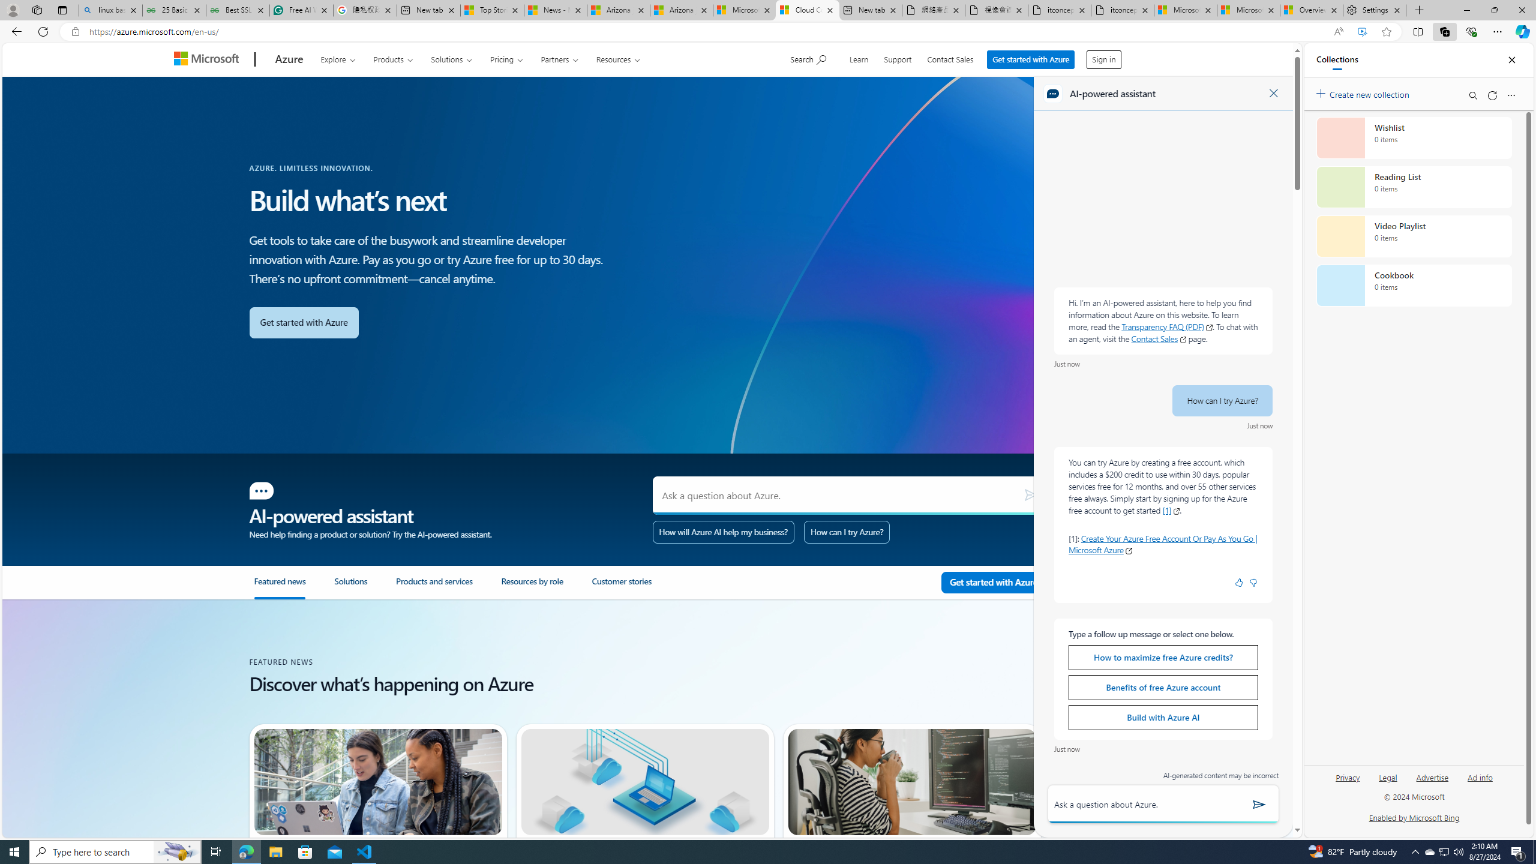 The height and width of the screenshot is (864, 1536). What do you see at coordinates (1123, 10) in the screenshot?
I see `'itconcepthk.com/projector_solutions.mp4'` at bounding box center [1123, 10].